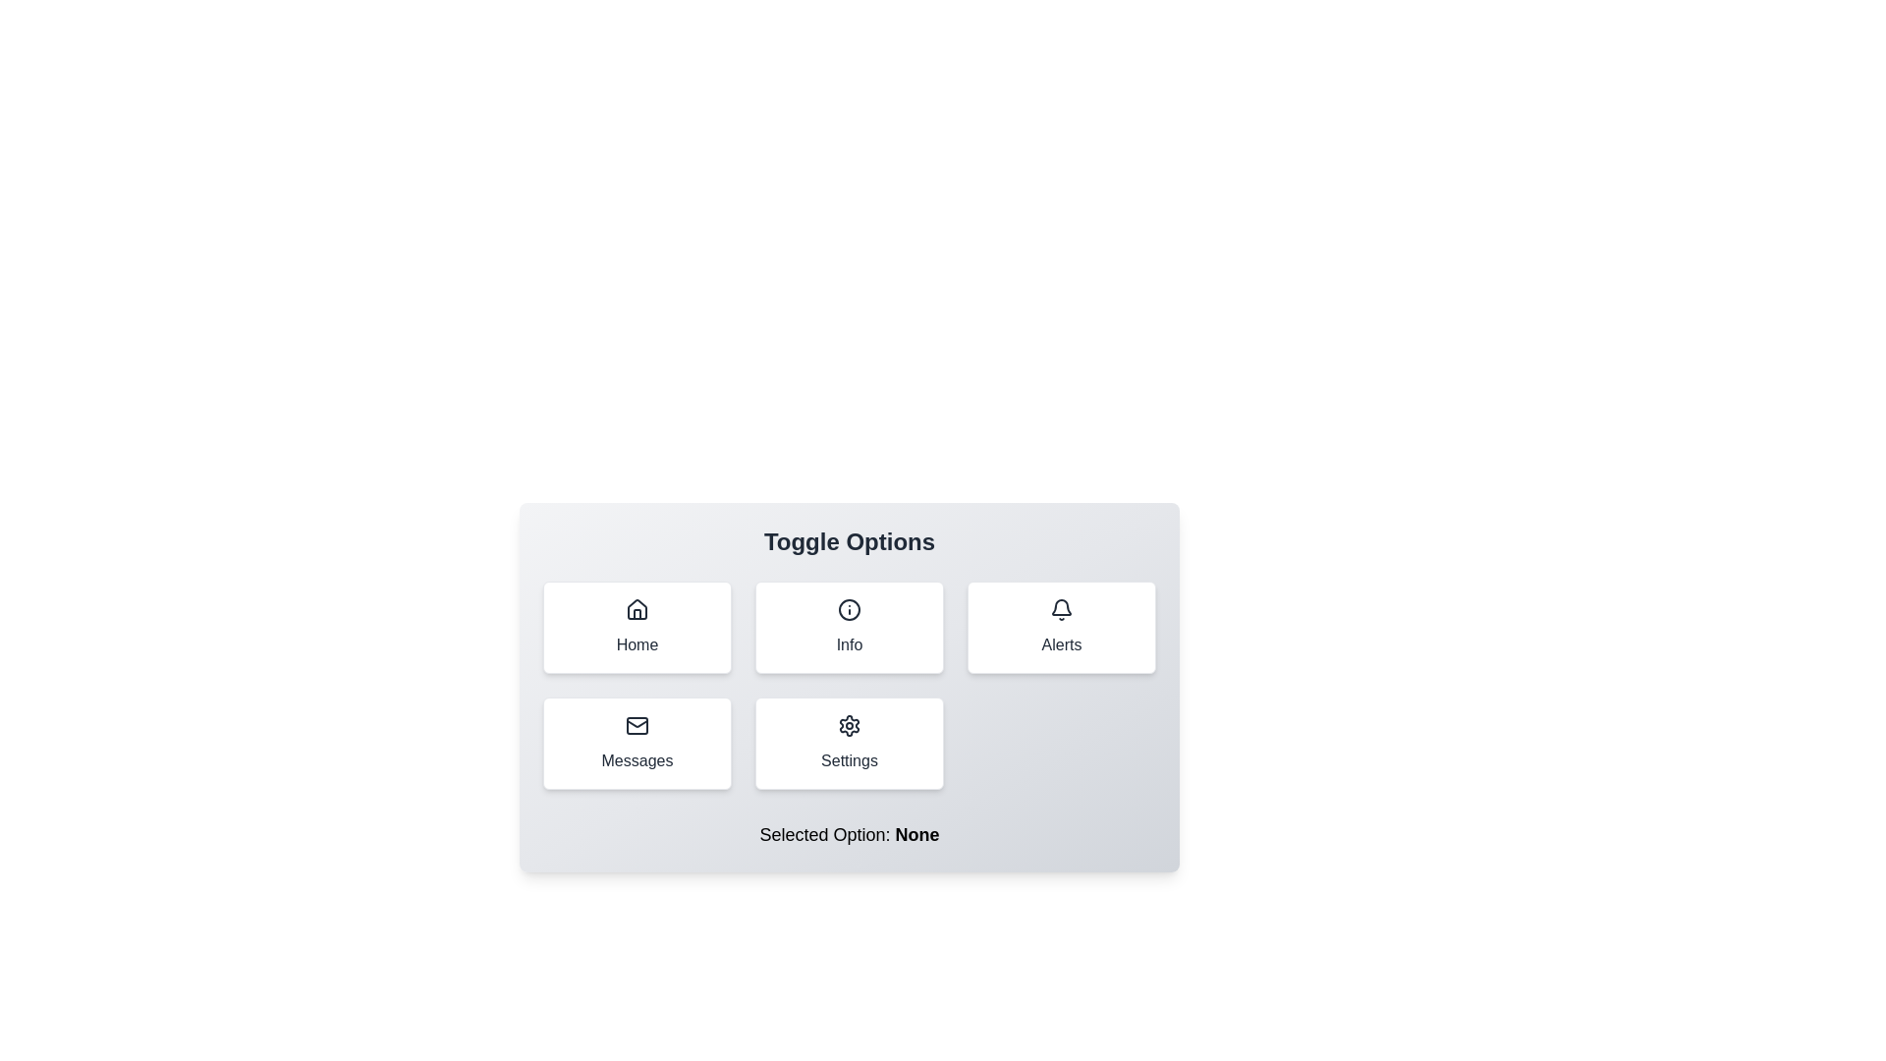 Image resolution: width=1886 pixels, height=1061 pixels. Describe the element at coordinates (849, 644) in the screenshot. I see `the button labeled 'Info' which displays the text 'Info' in a bold, dark font and is part of a grid of options titled 'Toggle Options'` at that location.